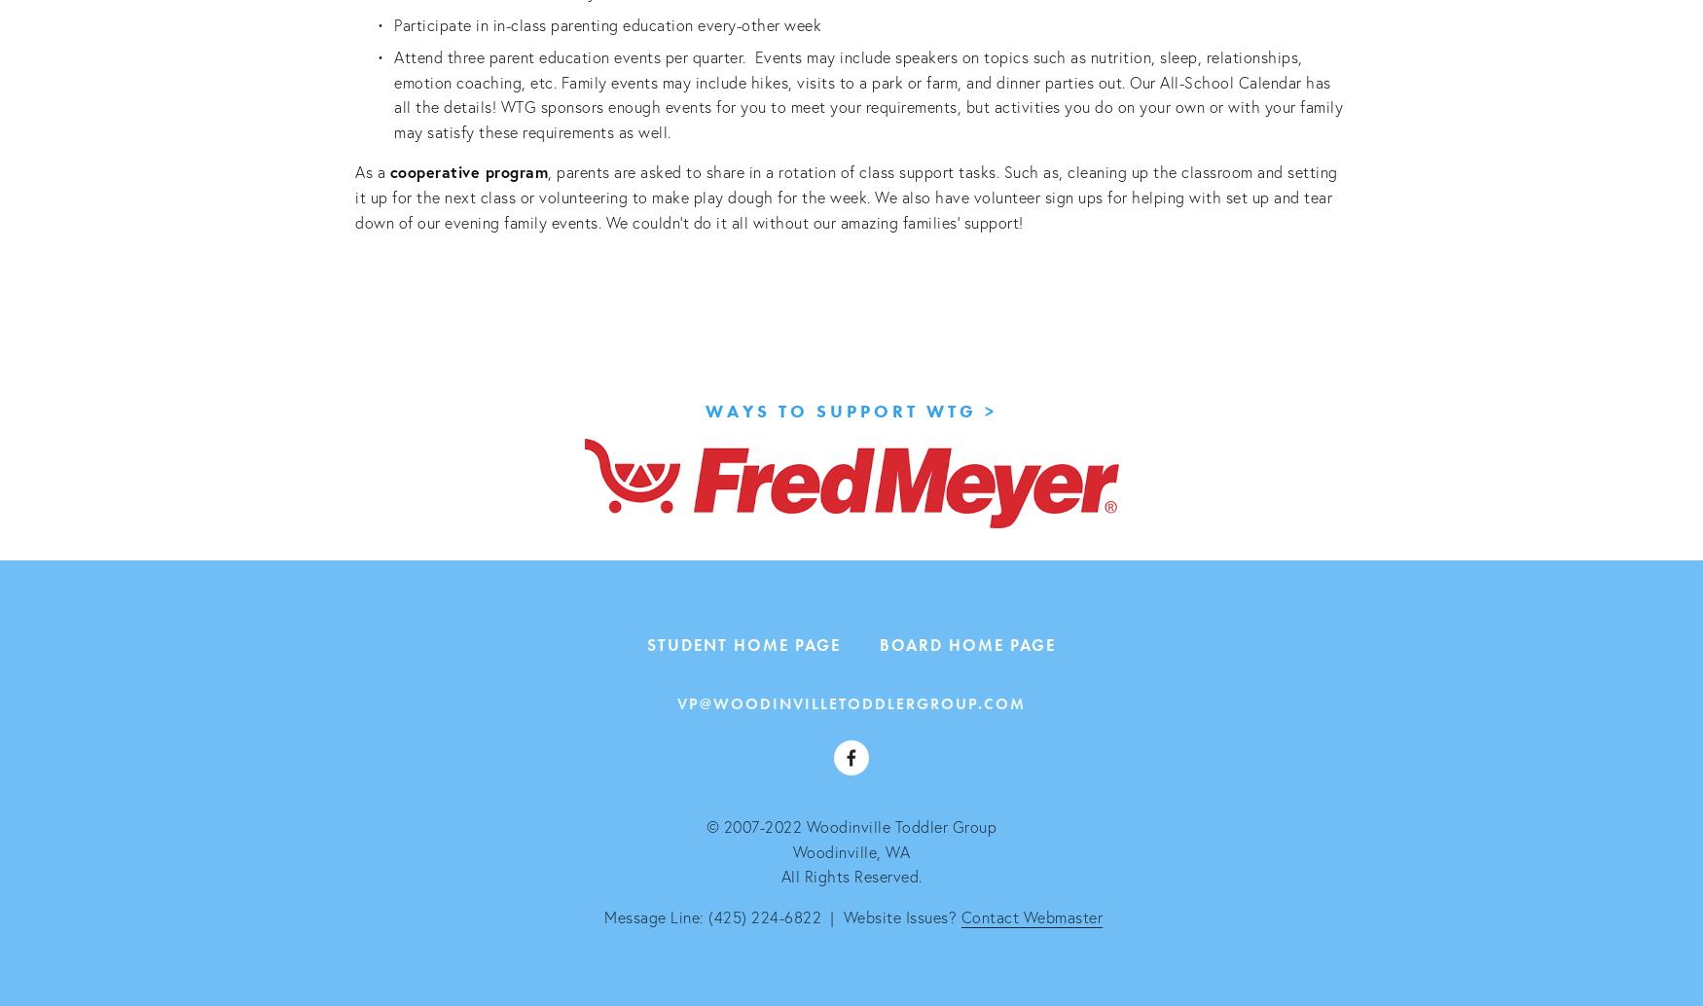 The image size is (1703, 1006). I want to click on 'Message Line: (425) 224-6822  |  Website Issues?', so click(779, 915).